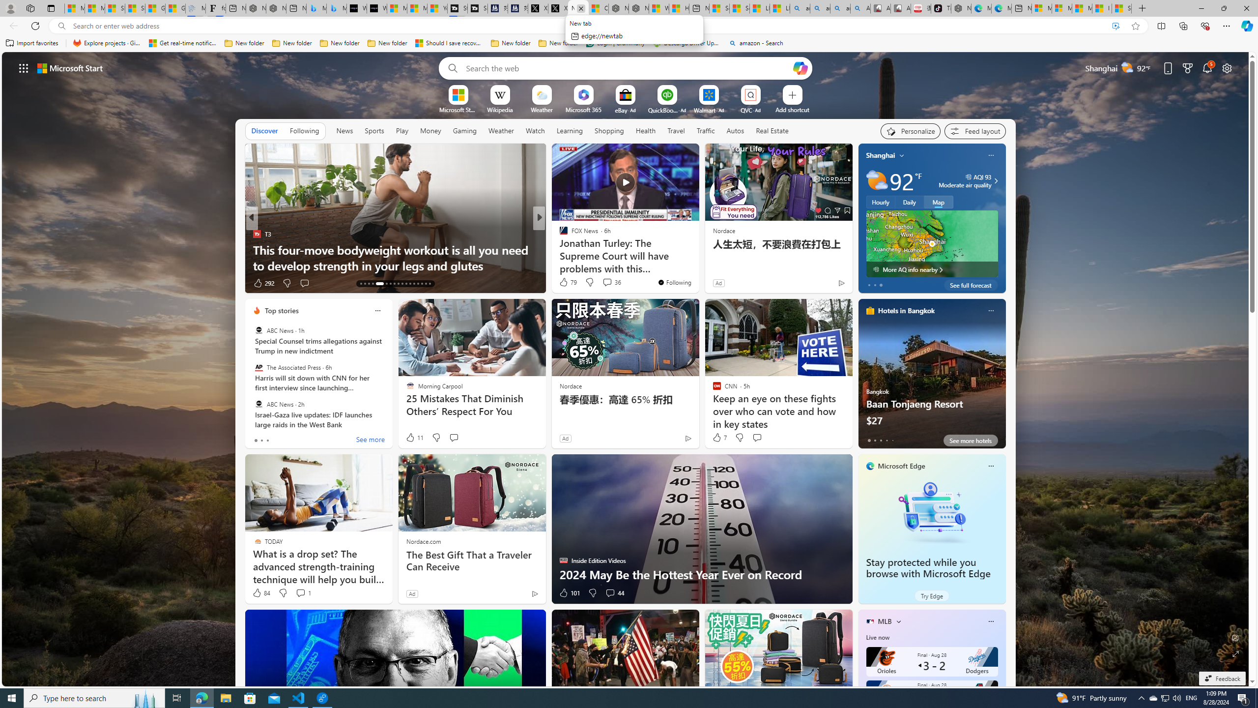  I want to click on 'Sports', so click(374, 130).